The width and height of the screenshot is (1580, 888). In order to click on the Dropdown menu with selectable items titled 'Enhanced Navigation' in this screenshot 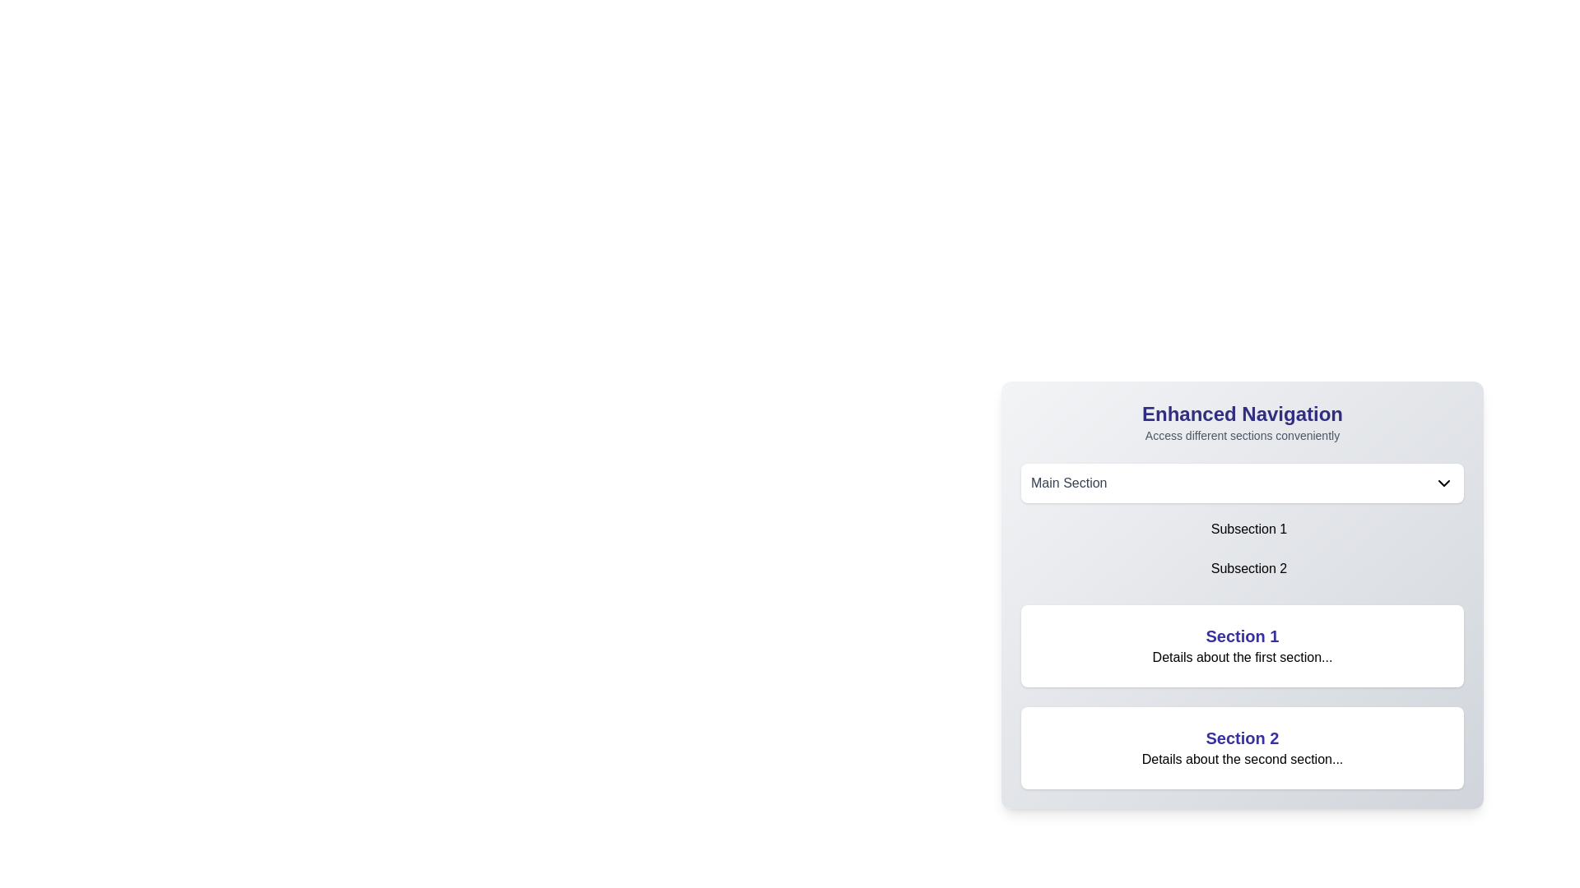, I will do `click(1243, 524)`.